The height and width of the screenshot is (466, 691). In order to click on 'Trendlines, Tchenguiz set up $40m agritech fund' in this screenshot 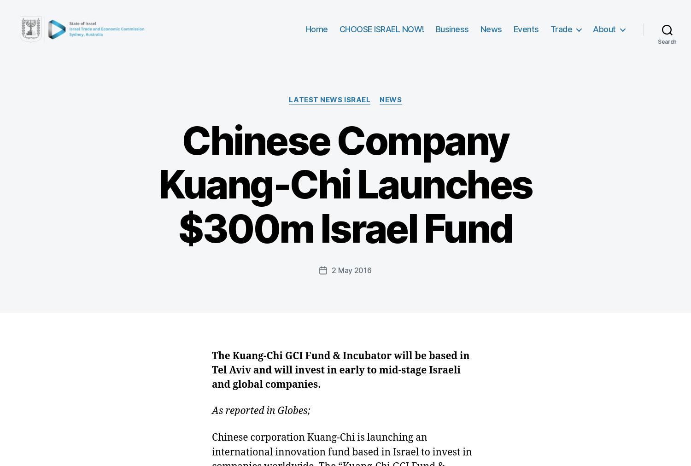, I will do `click(340, 343)`.